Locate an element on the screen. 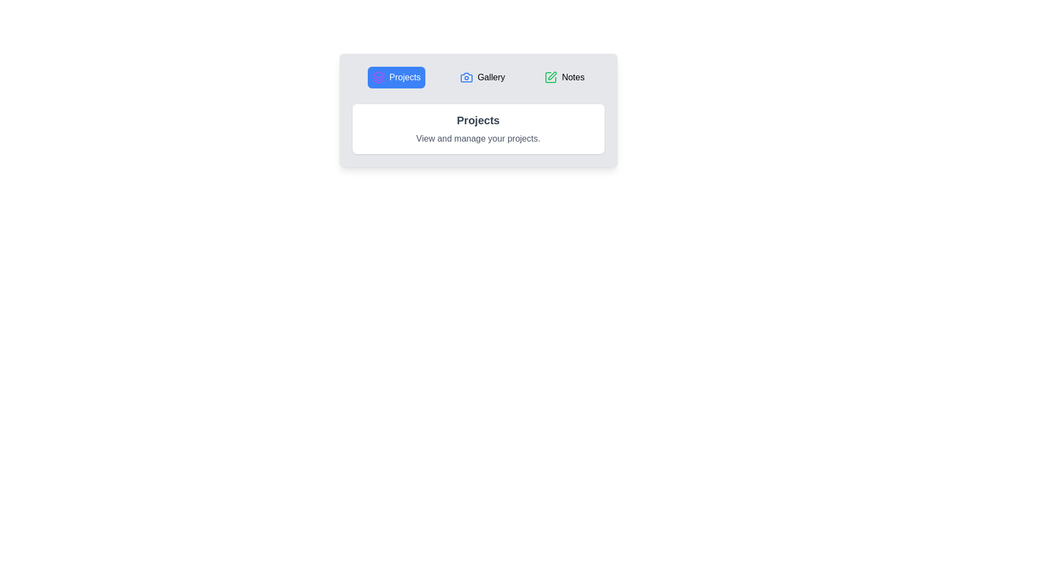  the tab labeled Gallery is located at coordinates (482, 77).